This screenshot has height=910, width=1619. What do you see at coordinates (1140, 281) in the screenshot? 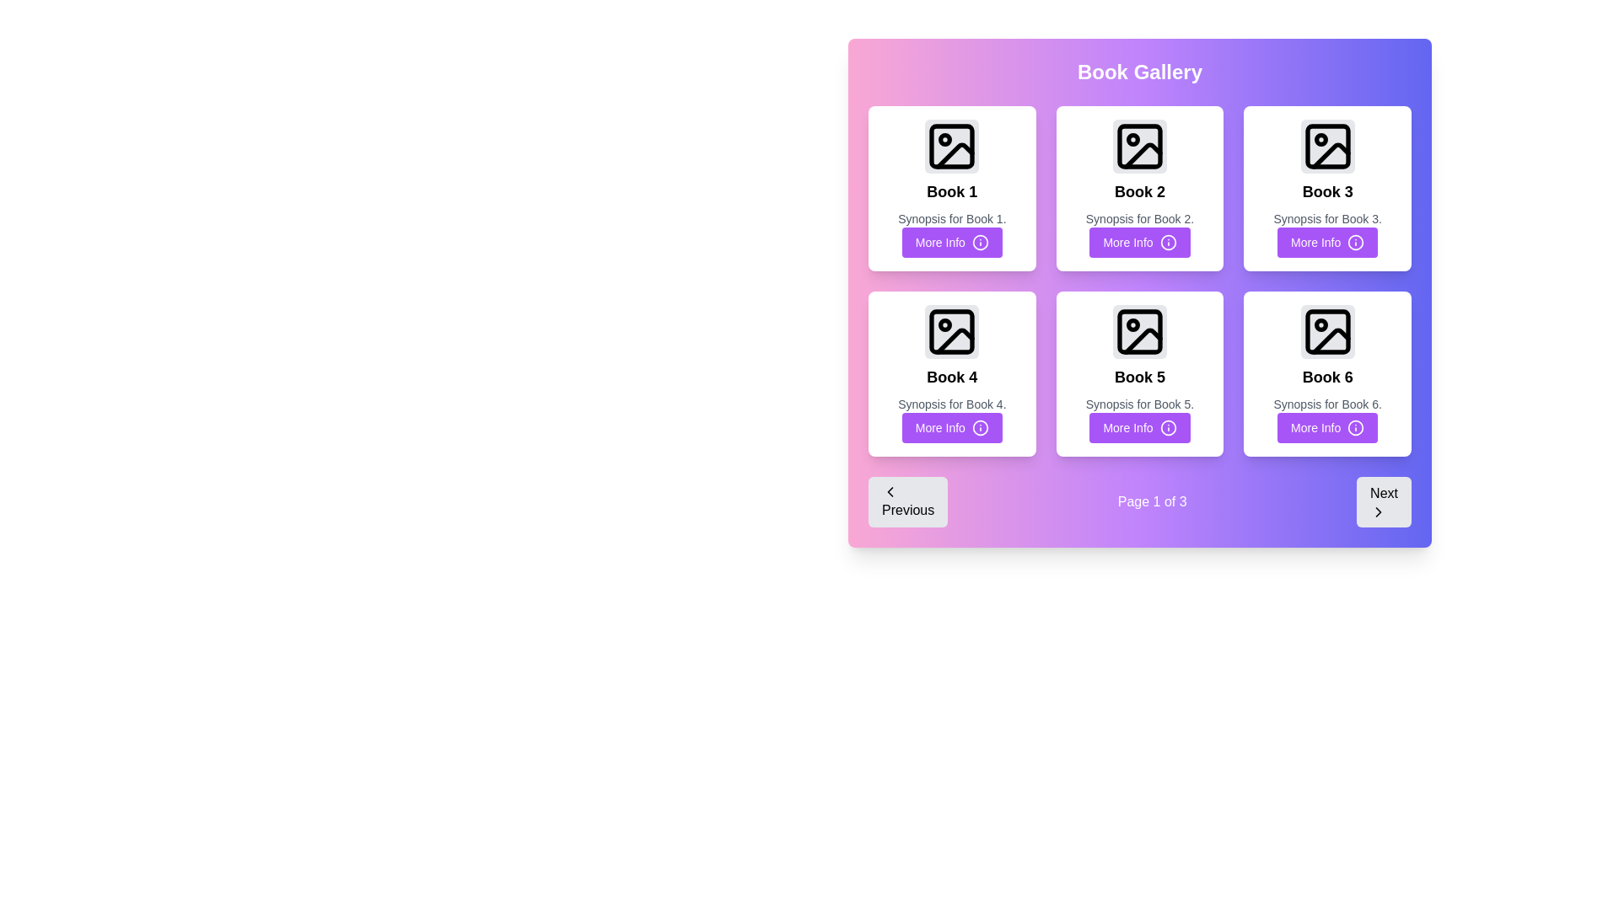
I see `the button of a specific book card in the Grid layout of the Book Gallery for more information` at bounding box center [1140, 281].